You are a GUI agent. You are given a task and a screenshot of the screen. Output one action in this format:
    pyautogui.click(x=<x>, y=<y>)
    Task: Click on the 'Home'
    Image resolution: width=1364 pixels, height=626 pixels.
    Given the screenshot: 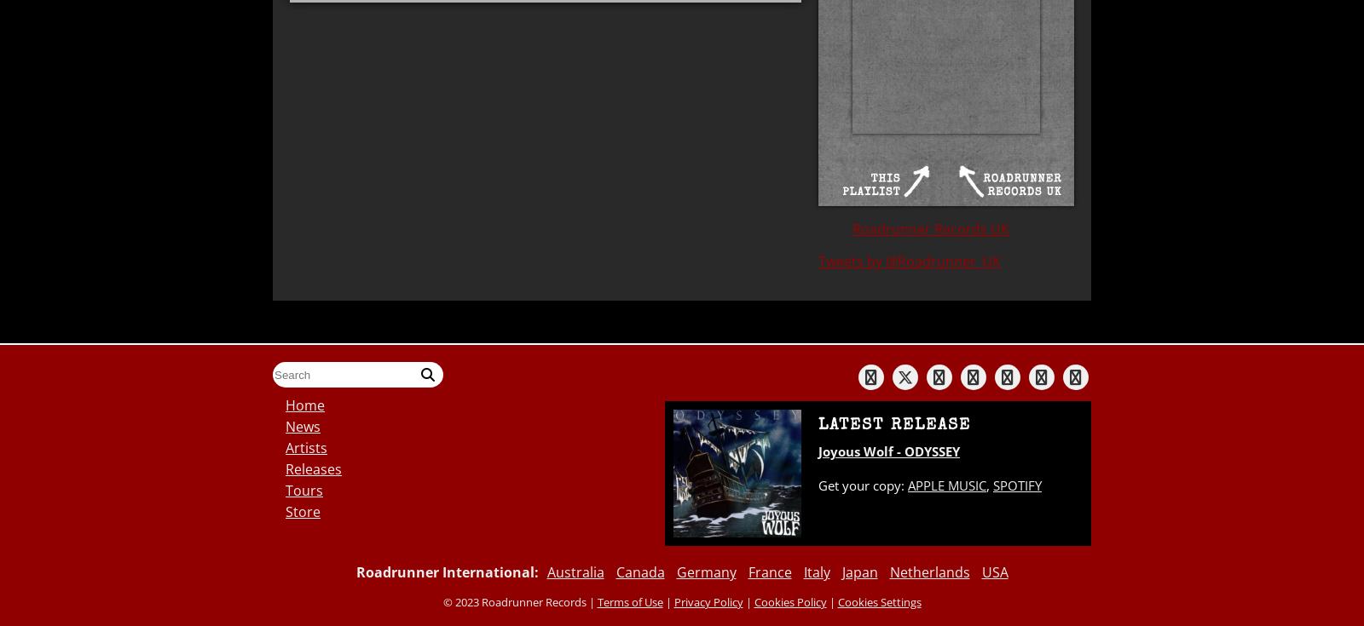 What is the action you would take?
    pyautogui.click(x=305, y=405)
    